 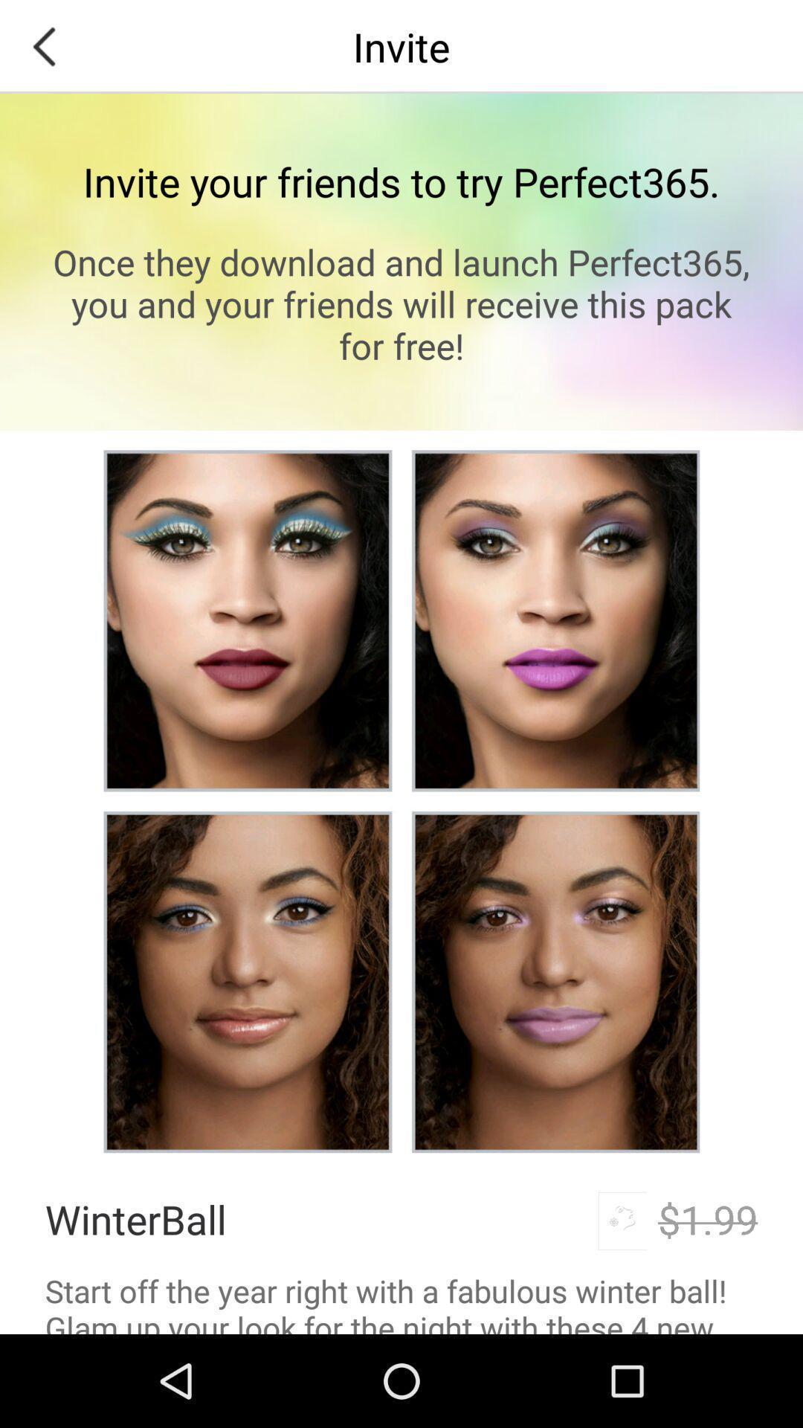 I want to click on icon below the invite your friends icon, so click(x=401, y=303).